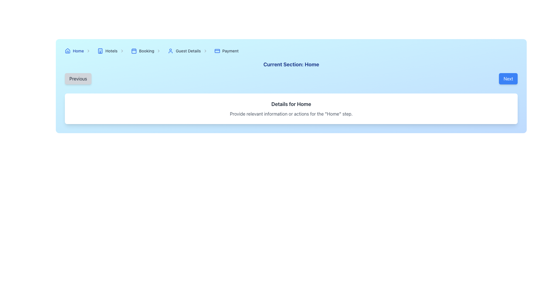 Image resolution: width=544 pixels, height=306 pixels. I want to click on the 'Booking' link in the breadcrumb navigation, so click(146, 51).